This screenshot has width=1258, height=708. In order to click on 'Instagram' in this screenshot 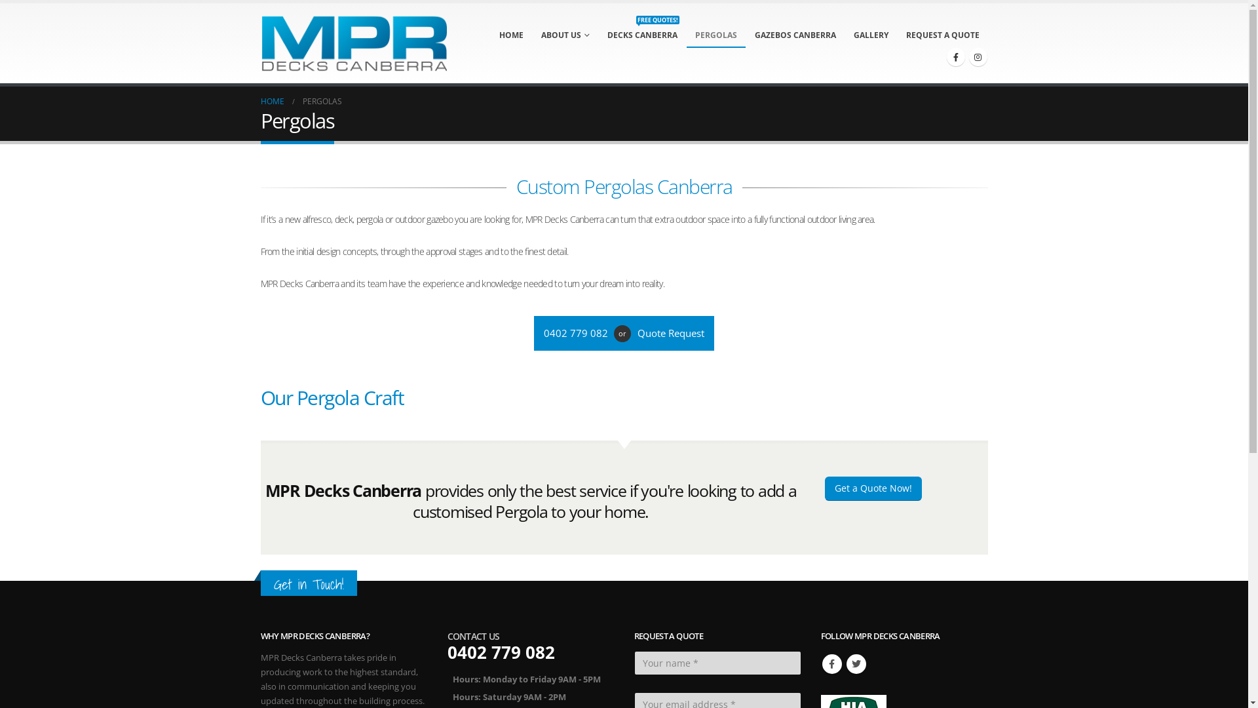, I will do `click(978, 56)`.